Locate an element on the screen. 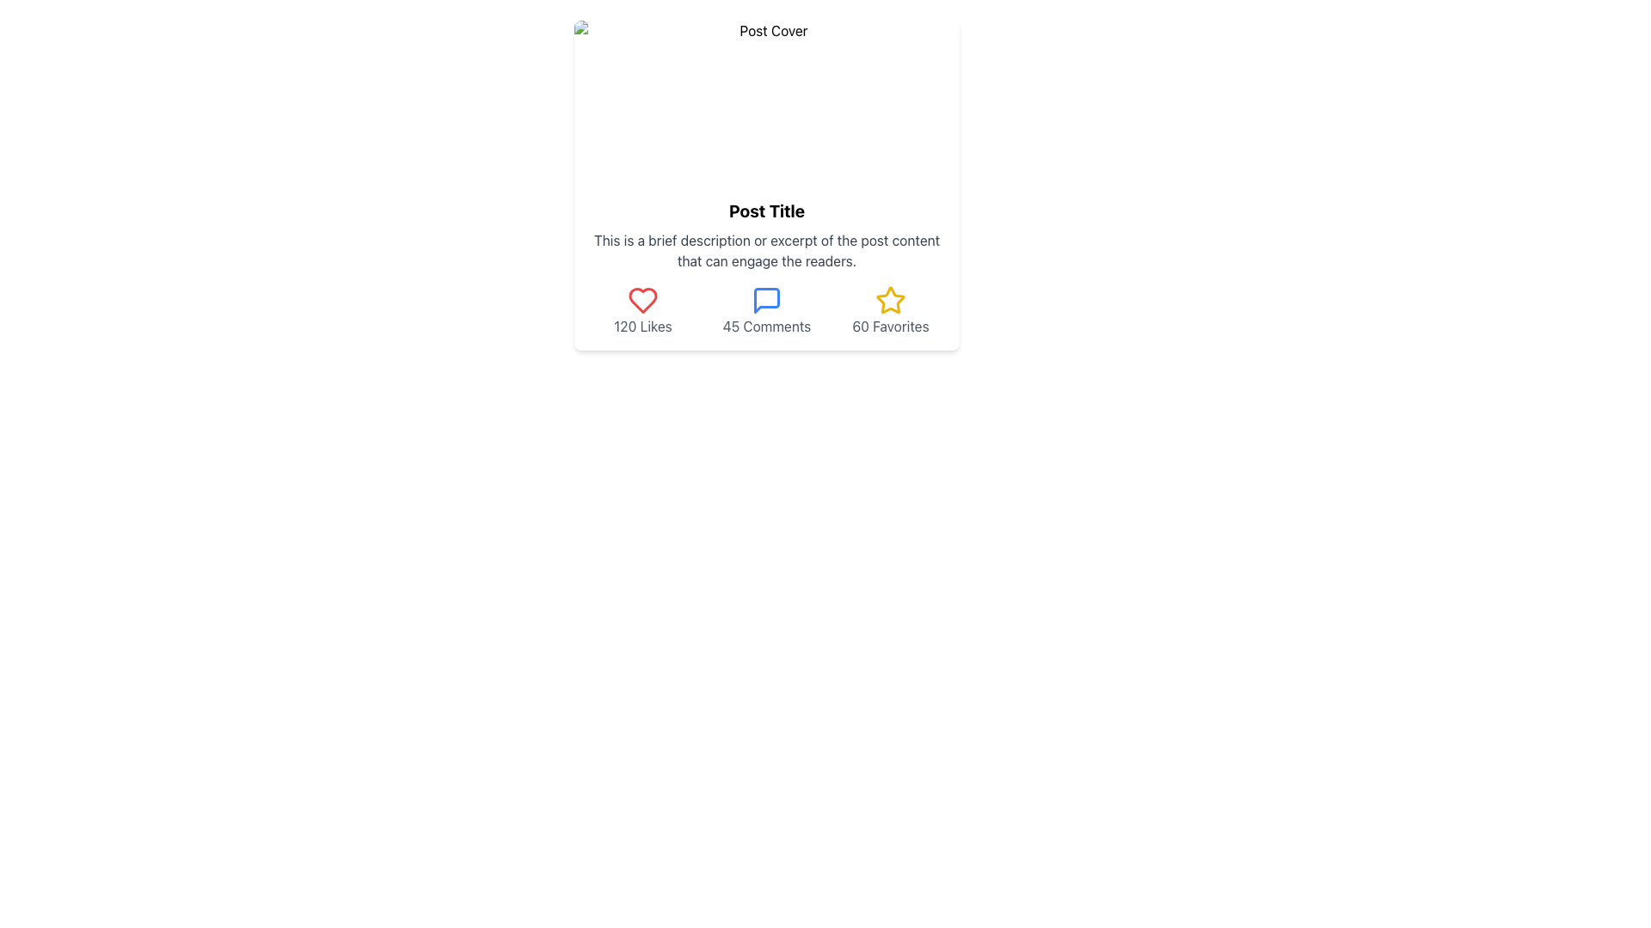 This screenshot has height=928, width=1651. the chat bubble button displaying '45 Comments' is located at coordinates (766, 311).